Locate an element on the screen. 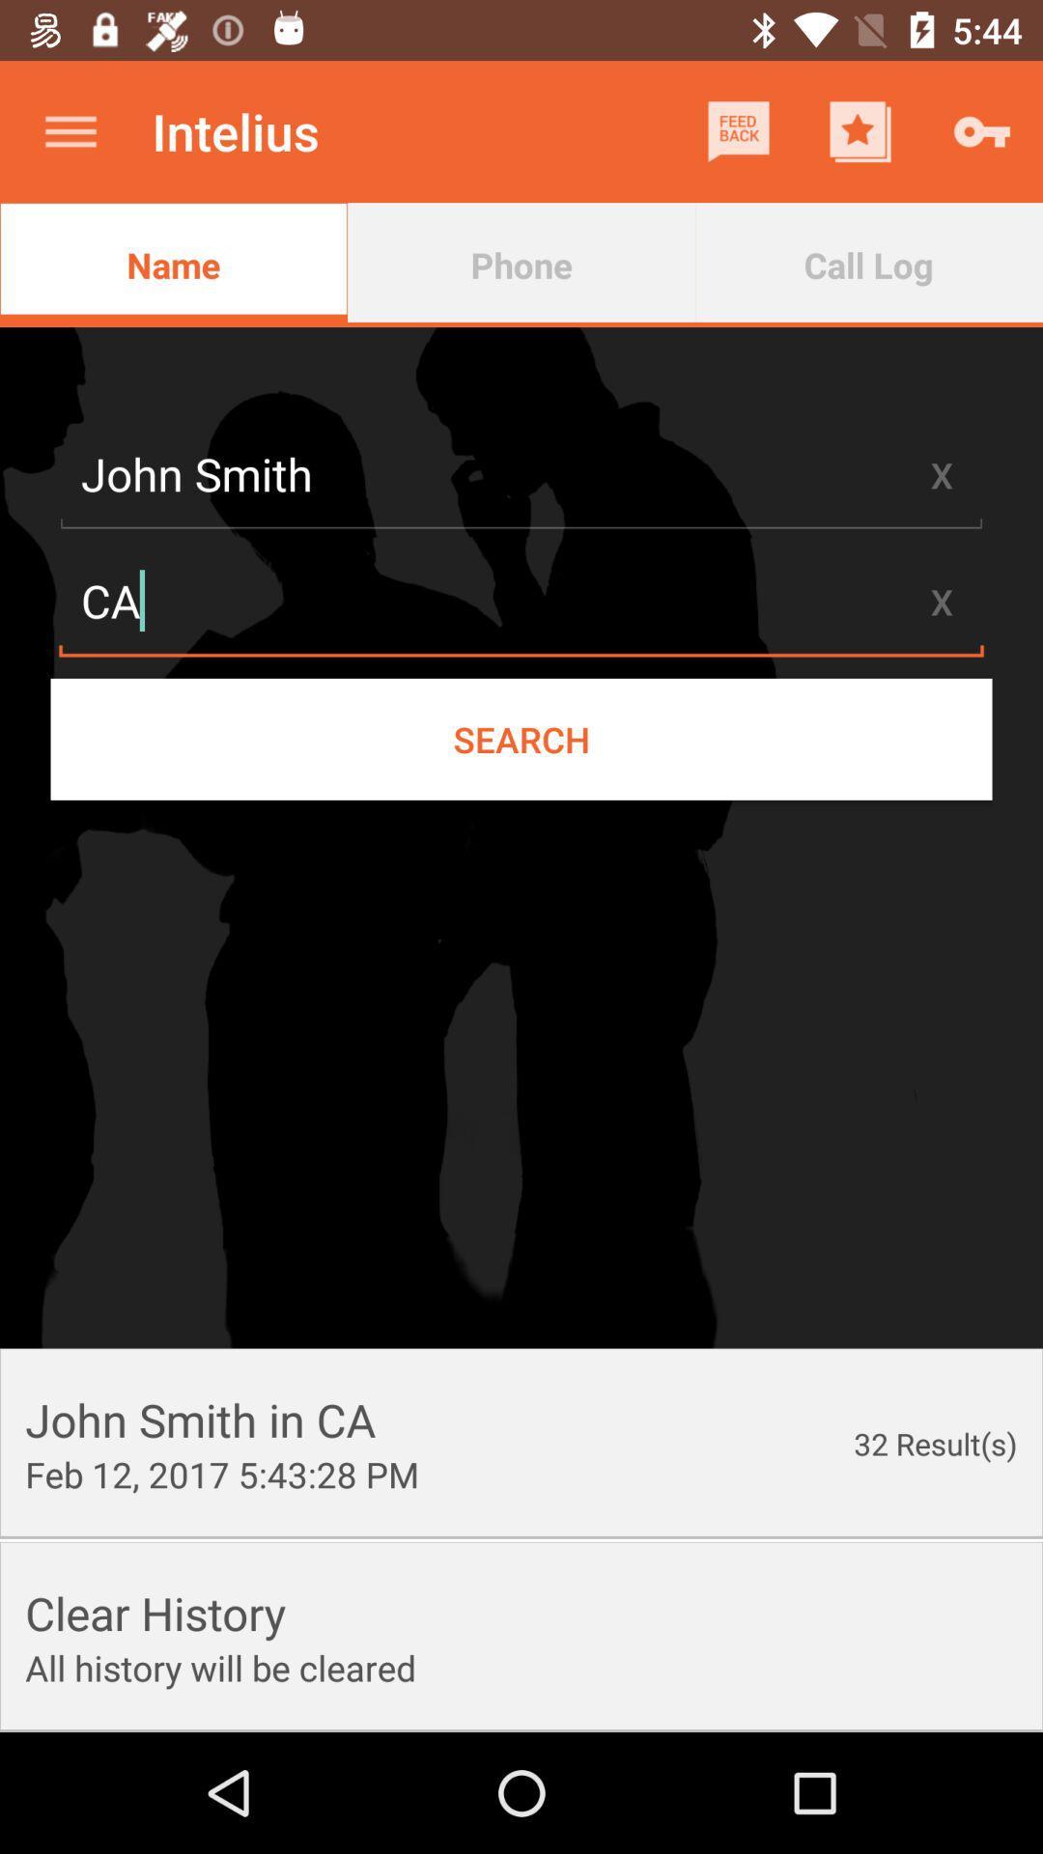 The width and height of the screenshot is (1043, 1854). feb 12 2017 app is located at coordinates (221, 1473).